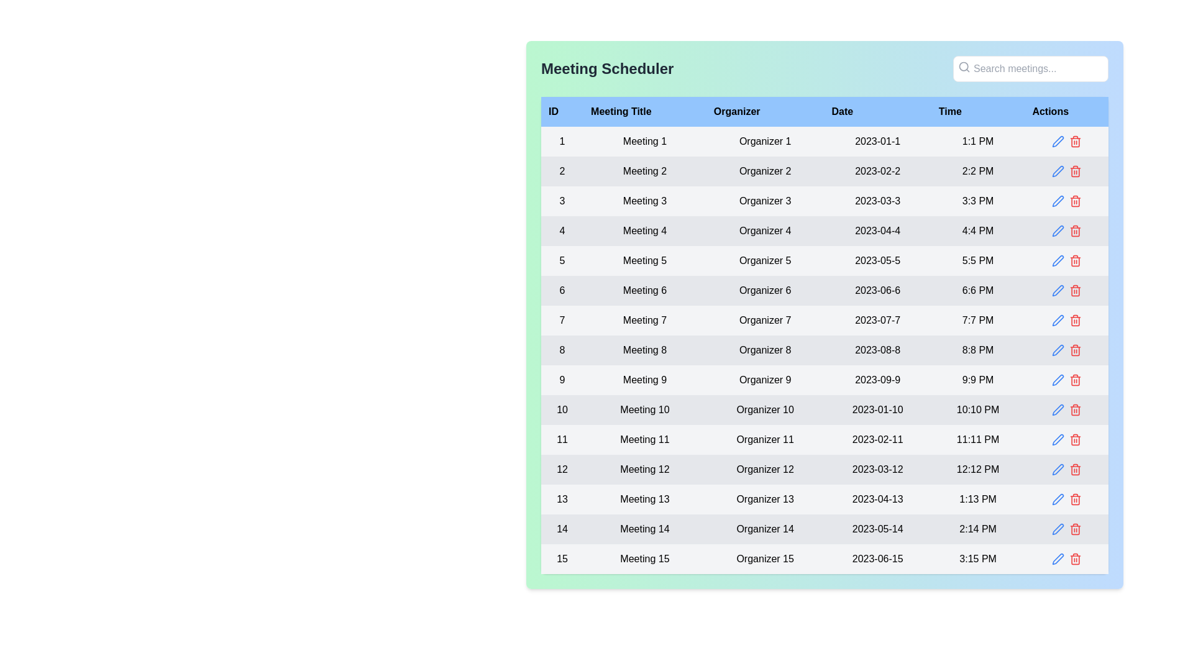  Describe the element at coordinates (1066, 290) in the screenshot. I see `the delete button located in the 'Actions' column of the sixth row of the meeting table, aligned with 'Meeting 6' dated '2023-06-6', to initiate a delete action` at that location.